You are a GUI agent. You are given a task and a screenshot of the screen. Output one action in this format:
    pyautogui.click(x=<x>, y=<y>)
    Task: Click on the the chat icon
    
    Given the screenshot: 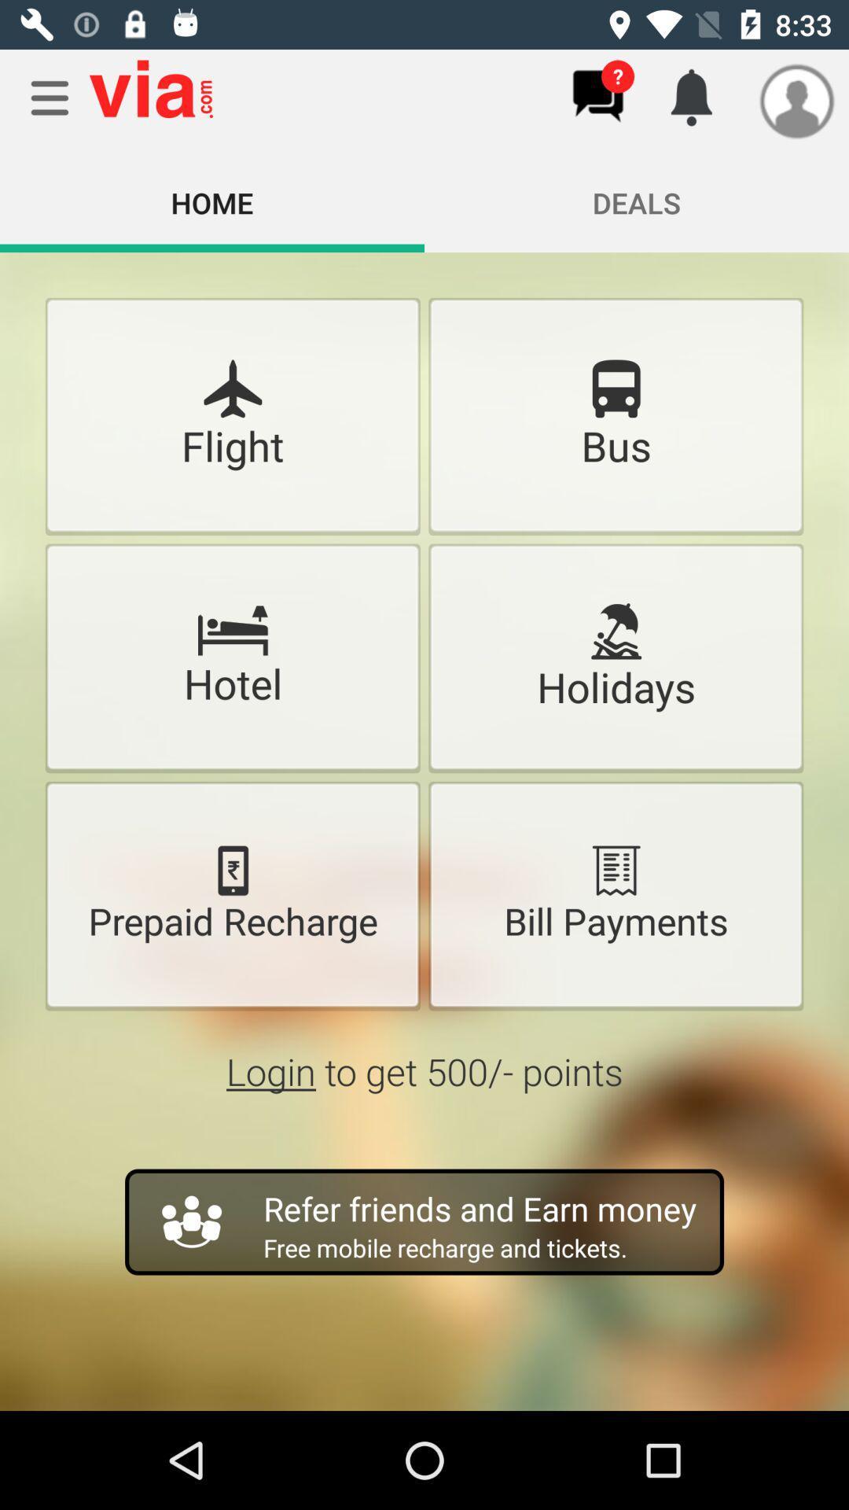 What is the action you would take?
    pyautogui.click(x=597, y=95)
    